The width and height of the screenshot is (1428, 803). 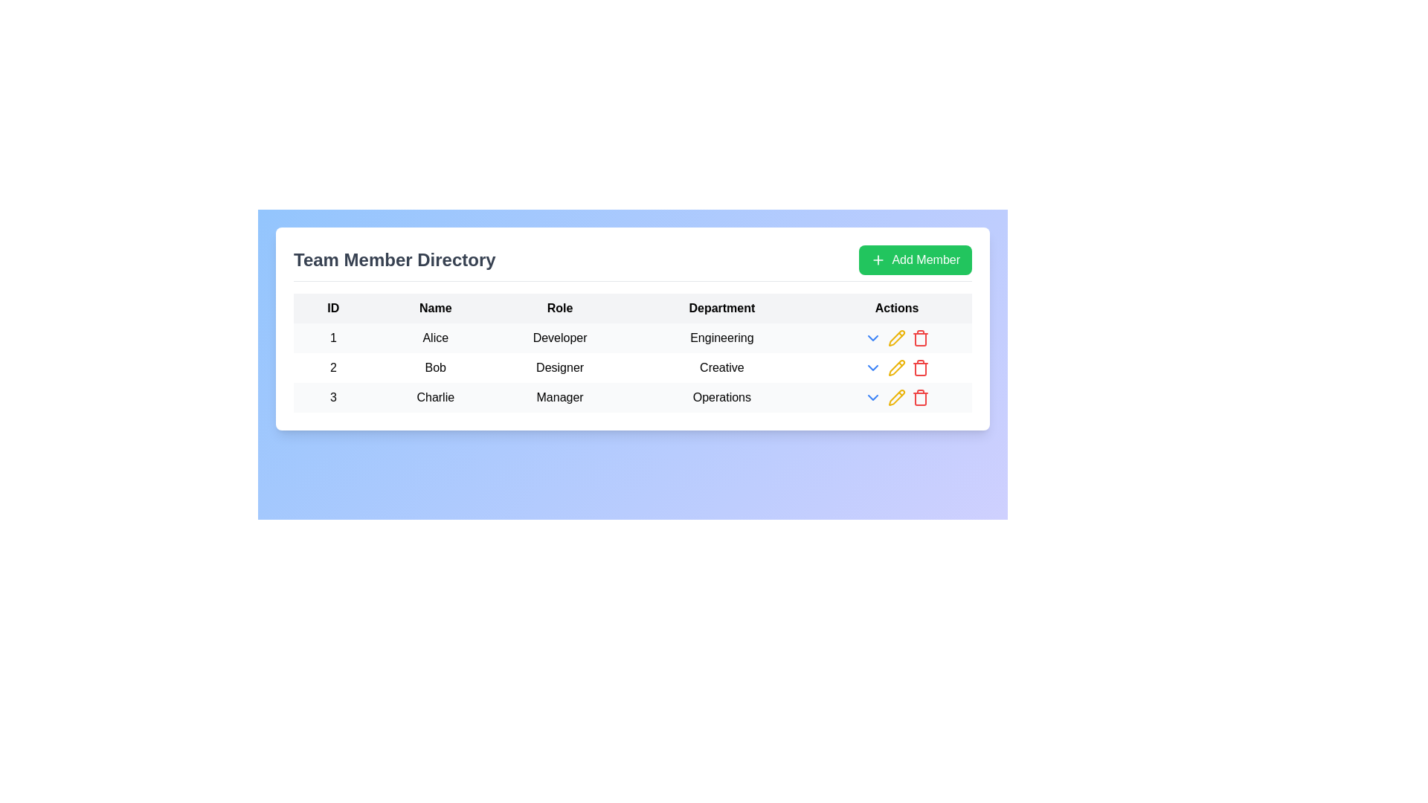 What do you see at coordinates (434, 338) in the screenshot?
I see `the text label displaying the name 'Alice', which is located under the 'Name' column in the first row of the table` at bounding box center [434, 338].